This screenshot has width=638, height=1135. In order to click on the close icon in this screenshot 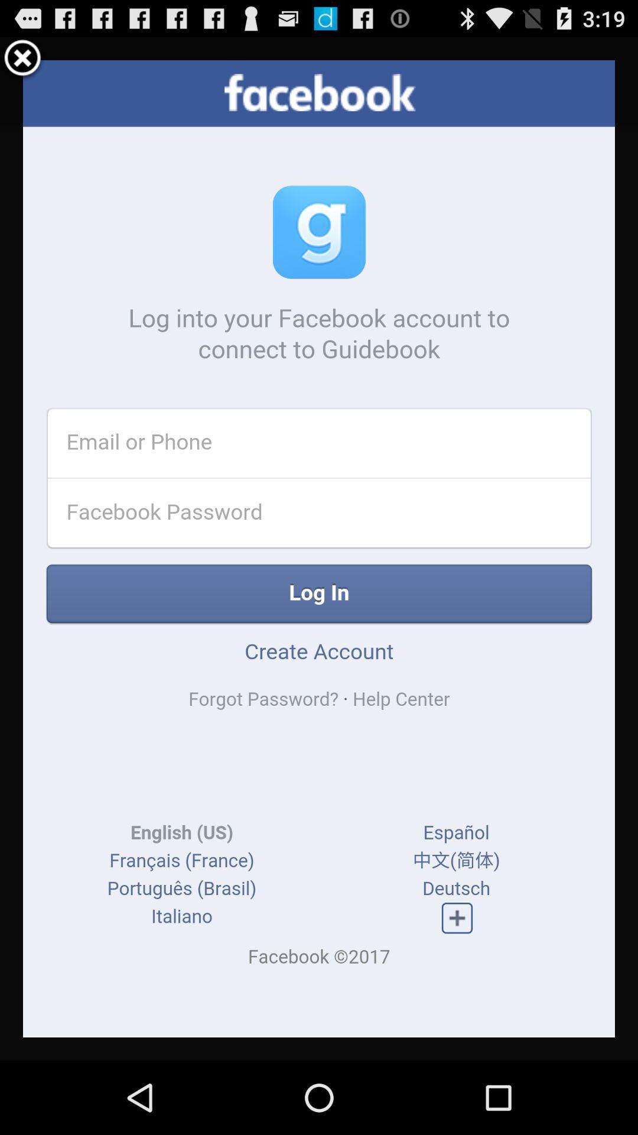, I will do `click(22, 63)`.